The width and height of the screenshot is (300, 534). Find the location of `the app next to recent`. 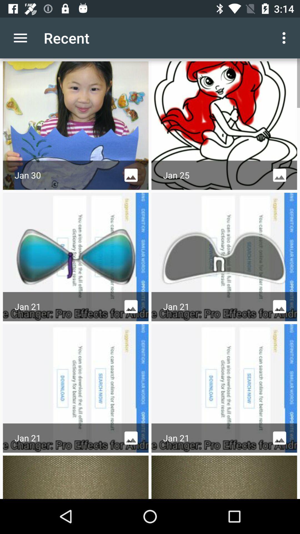

the app next to recent is located at coordinates (285, 38).